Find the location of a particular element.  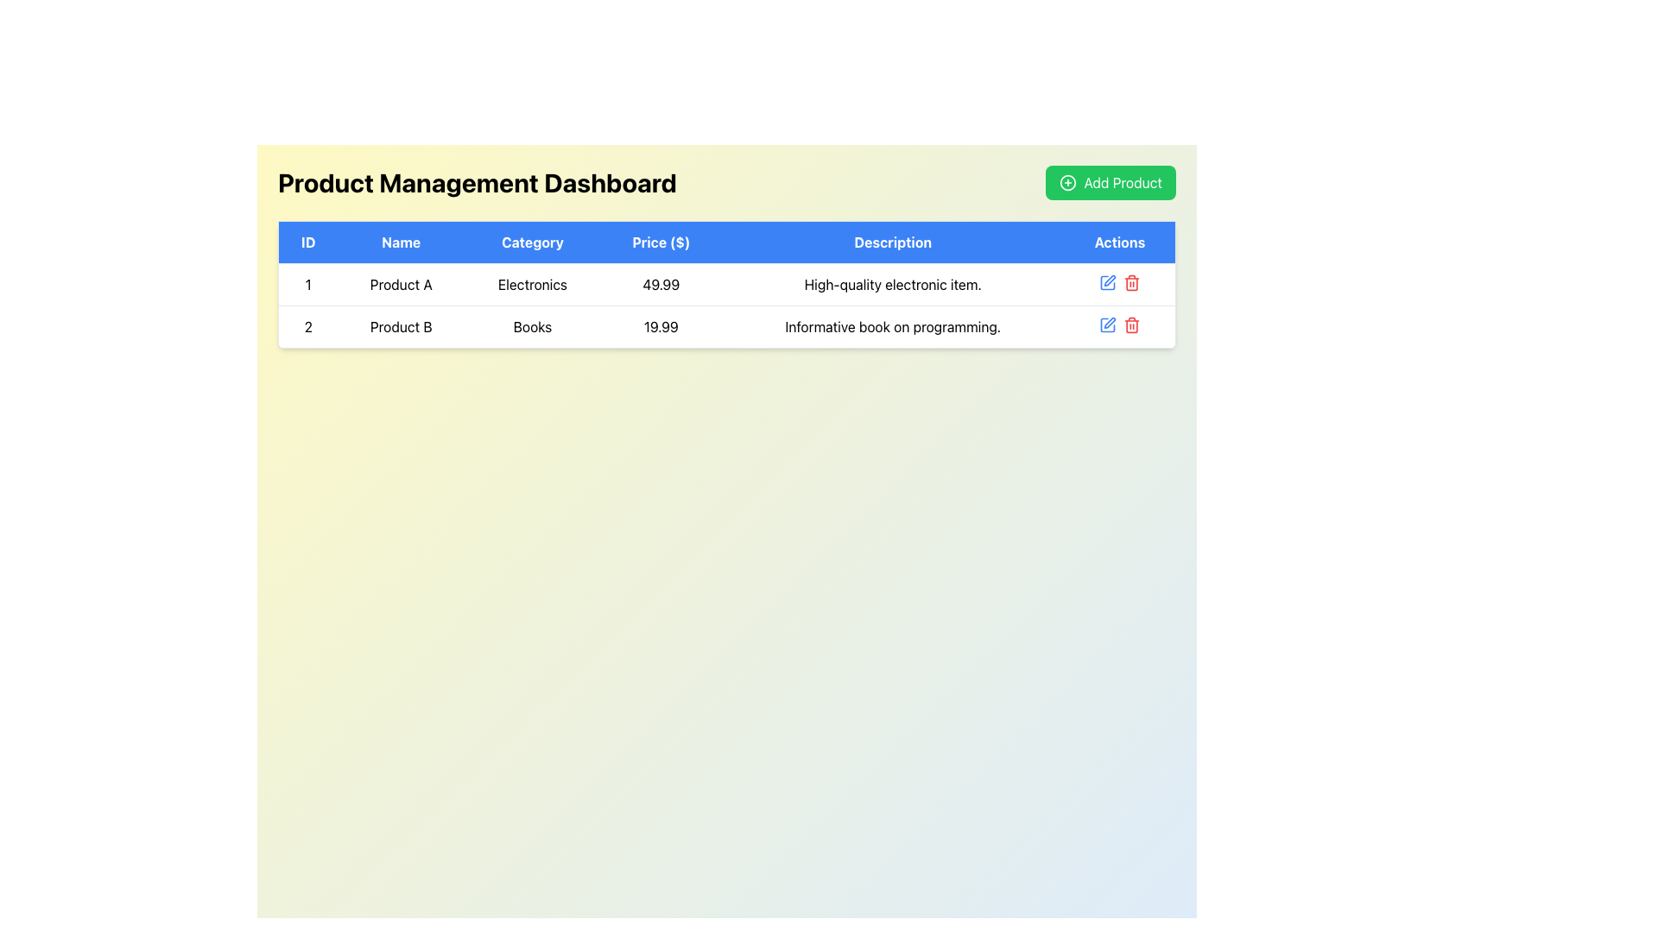

text content of the table cell in the 'Category' column of the first row, which indicates the product belongs to the 'Electronics' category is located at coordinates (532, 284).